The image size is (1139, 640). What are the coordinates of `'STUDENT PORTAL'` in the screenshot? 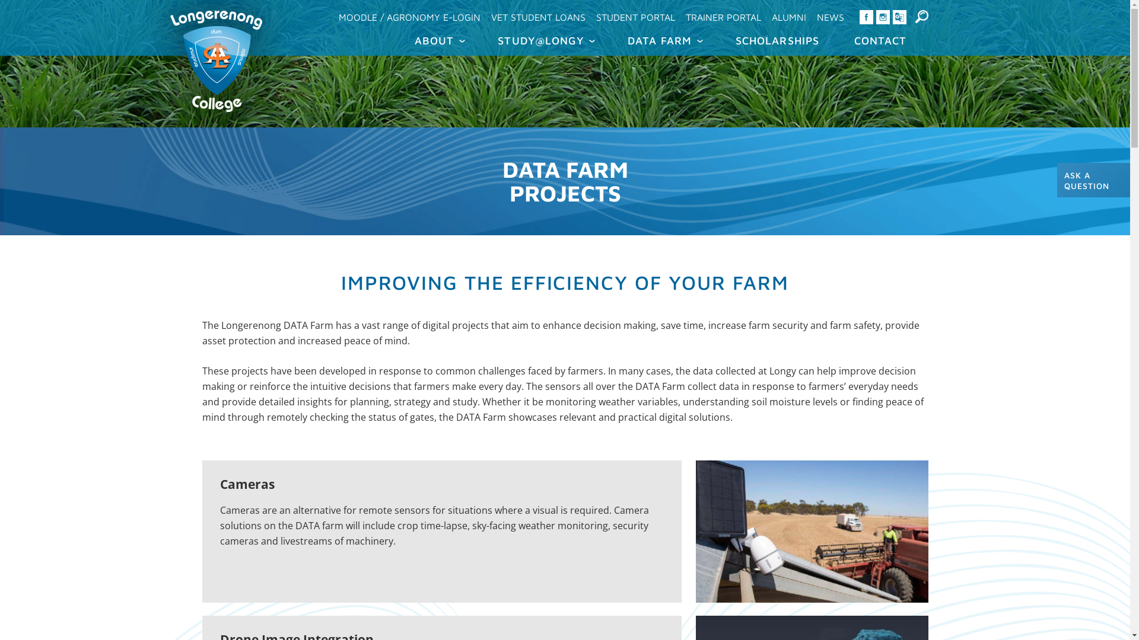 It's located at (635, 17).